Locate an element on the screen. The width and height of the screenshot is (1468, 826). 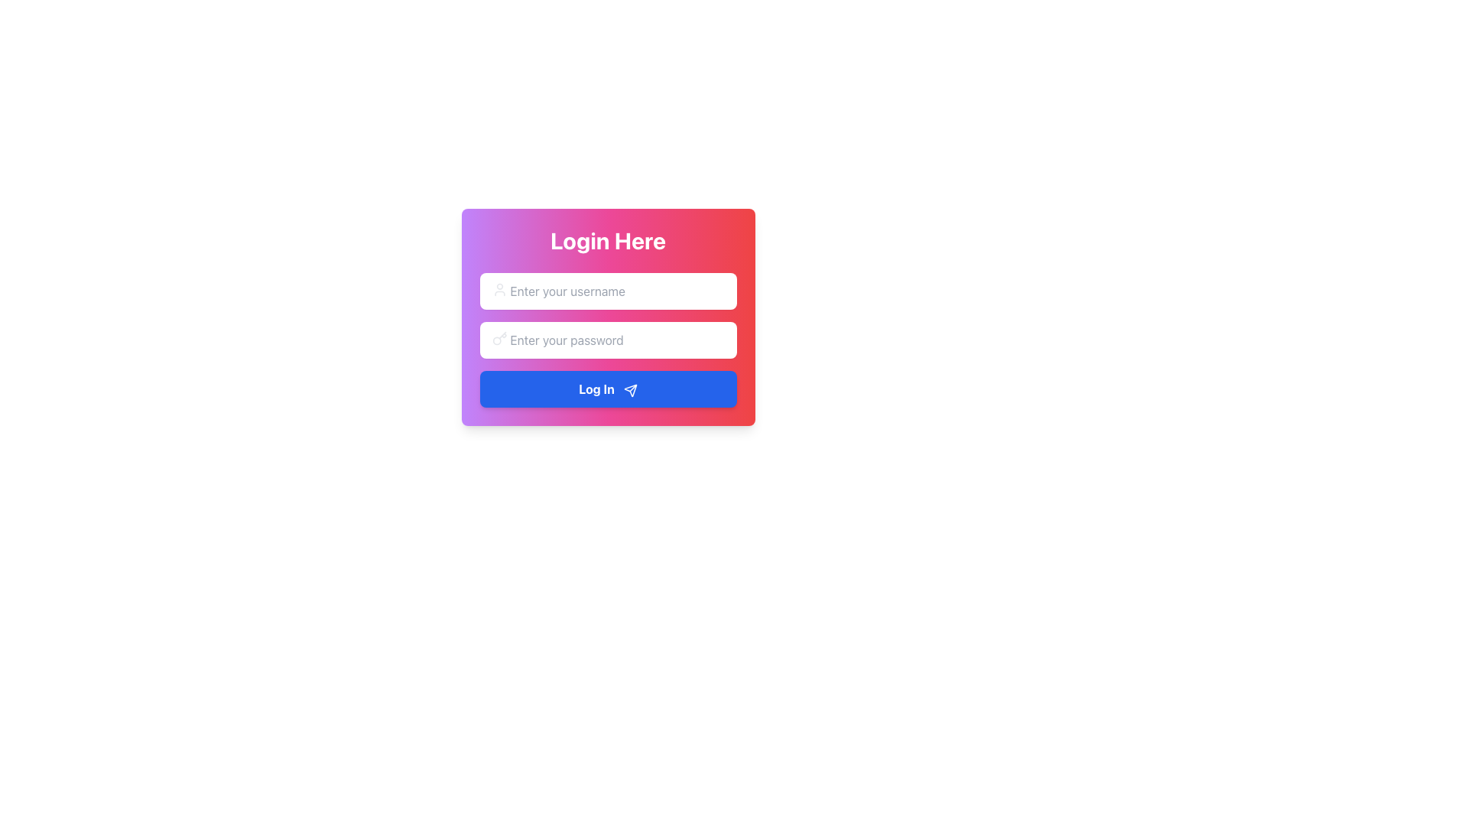
the appearance of the blue paper plane icon located to the right of the 'Log In' button text is located at coordinates (630, 389).